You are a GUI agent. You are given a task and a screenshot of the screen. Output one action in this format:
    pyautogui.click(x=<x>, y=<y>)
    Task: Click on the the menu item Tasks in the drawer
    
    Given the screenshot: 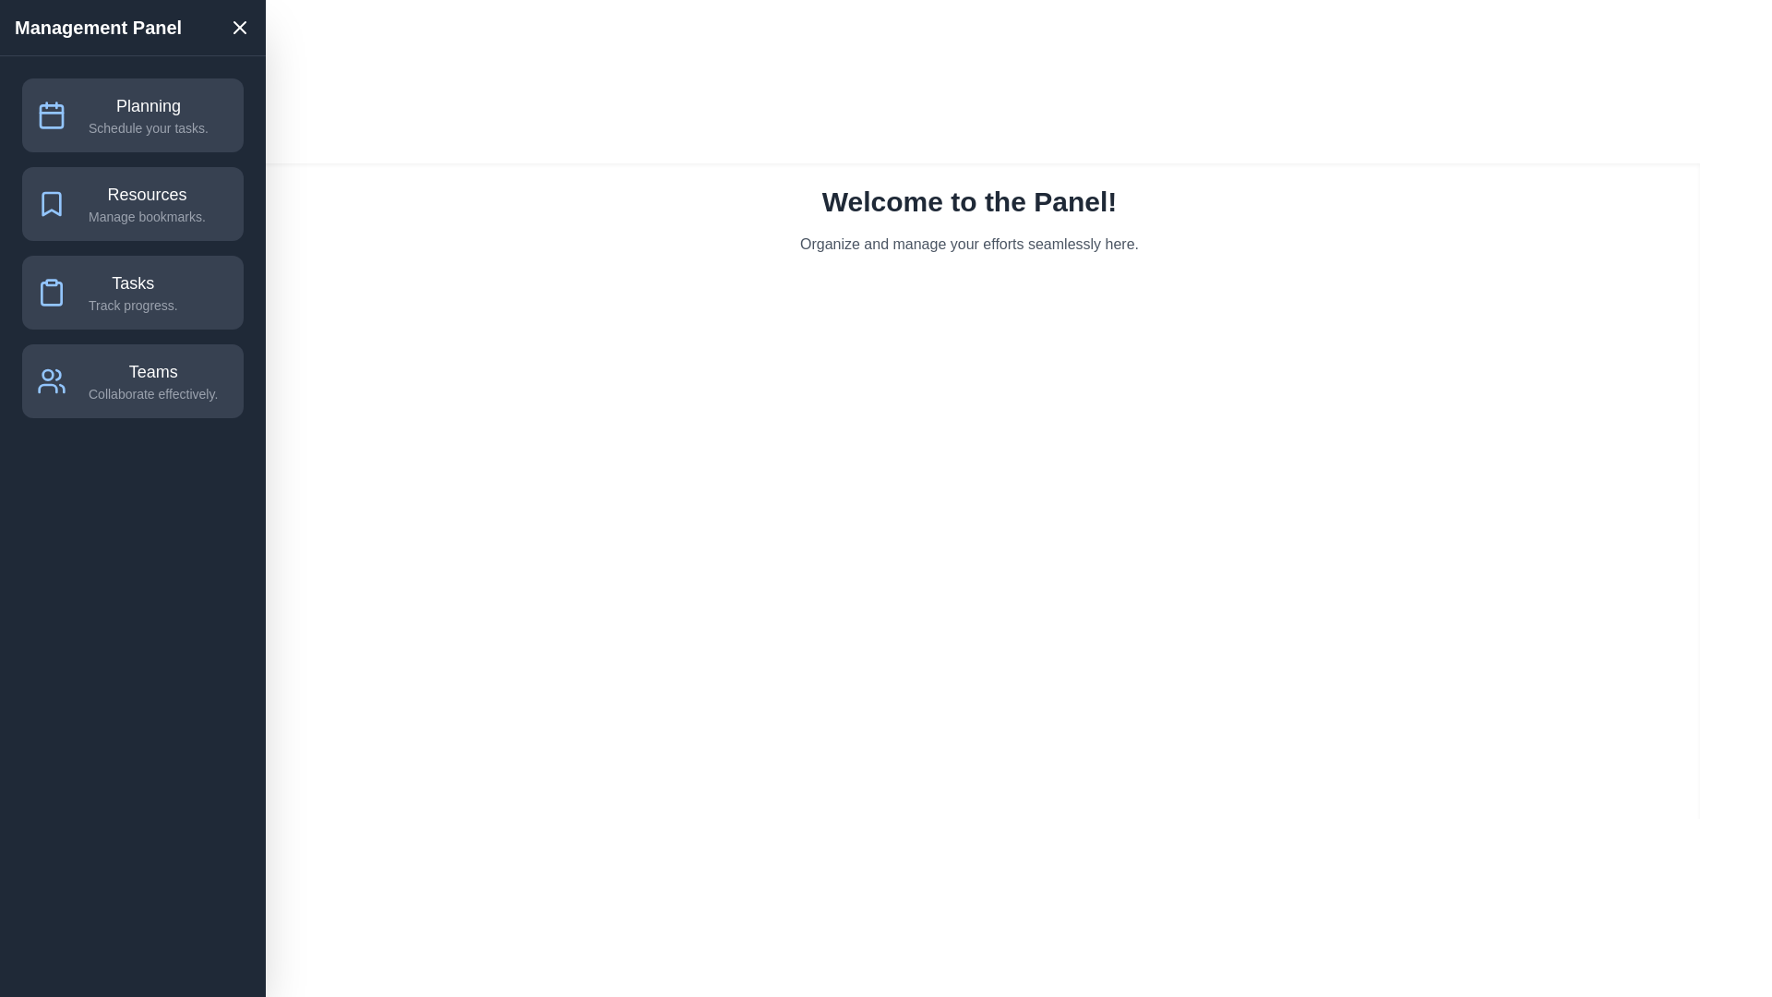 What is the action you would take?
    pyautogui.click(x=132, y=291)
    